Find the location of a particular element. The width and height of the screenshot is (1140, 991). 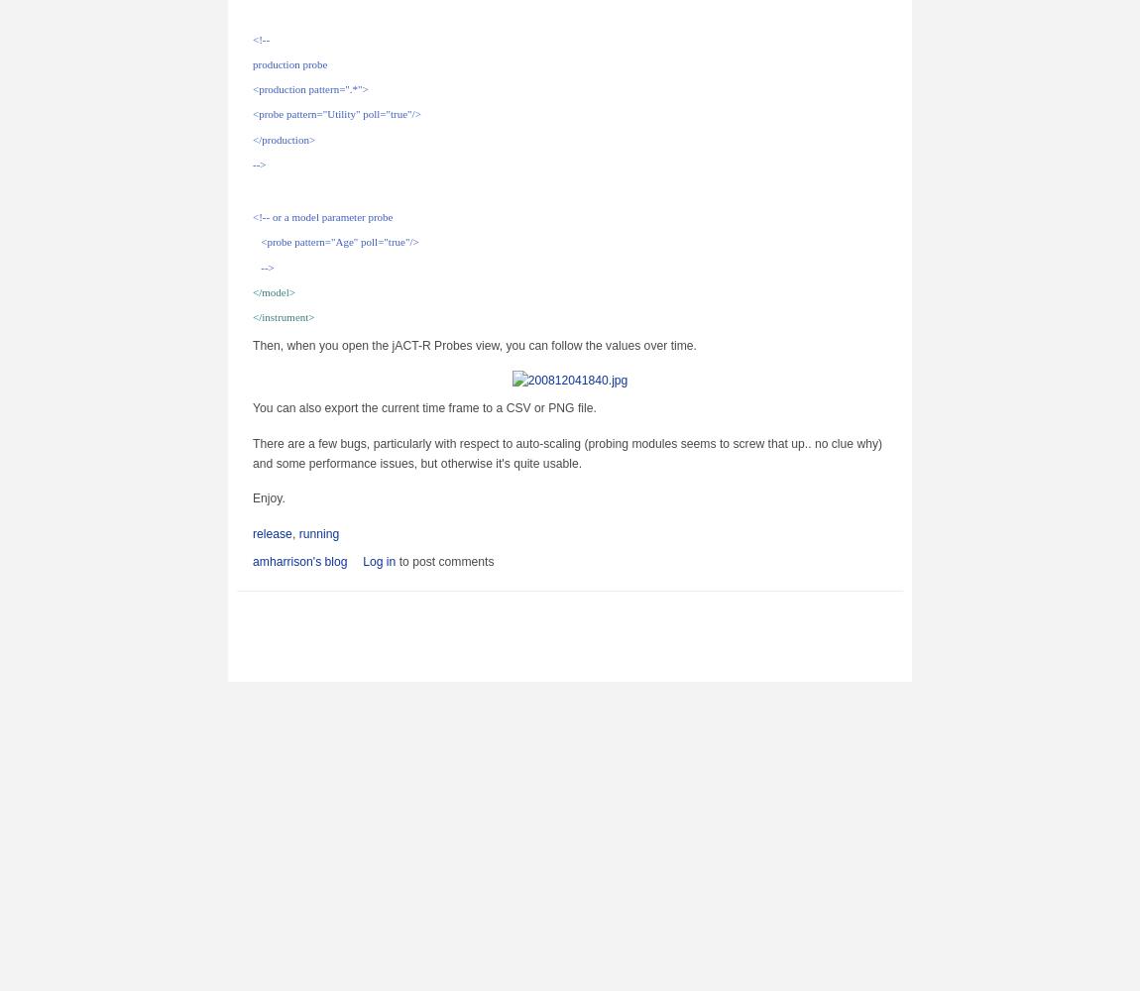

'running' is located at coordinates (318, 533).